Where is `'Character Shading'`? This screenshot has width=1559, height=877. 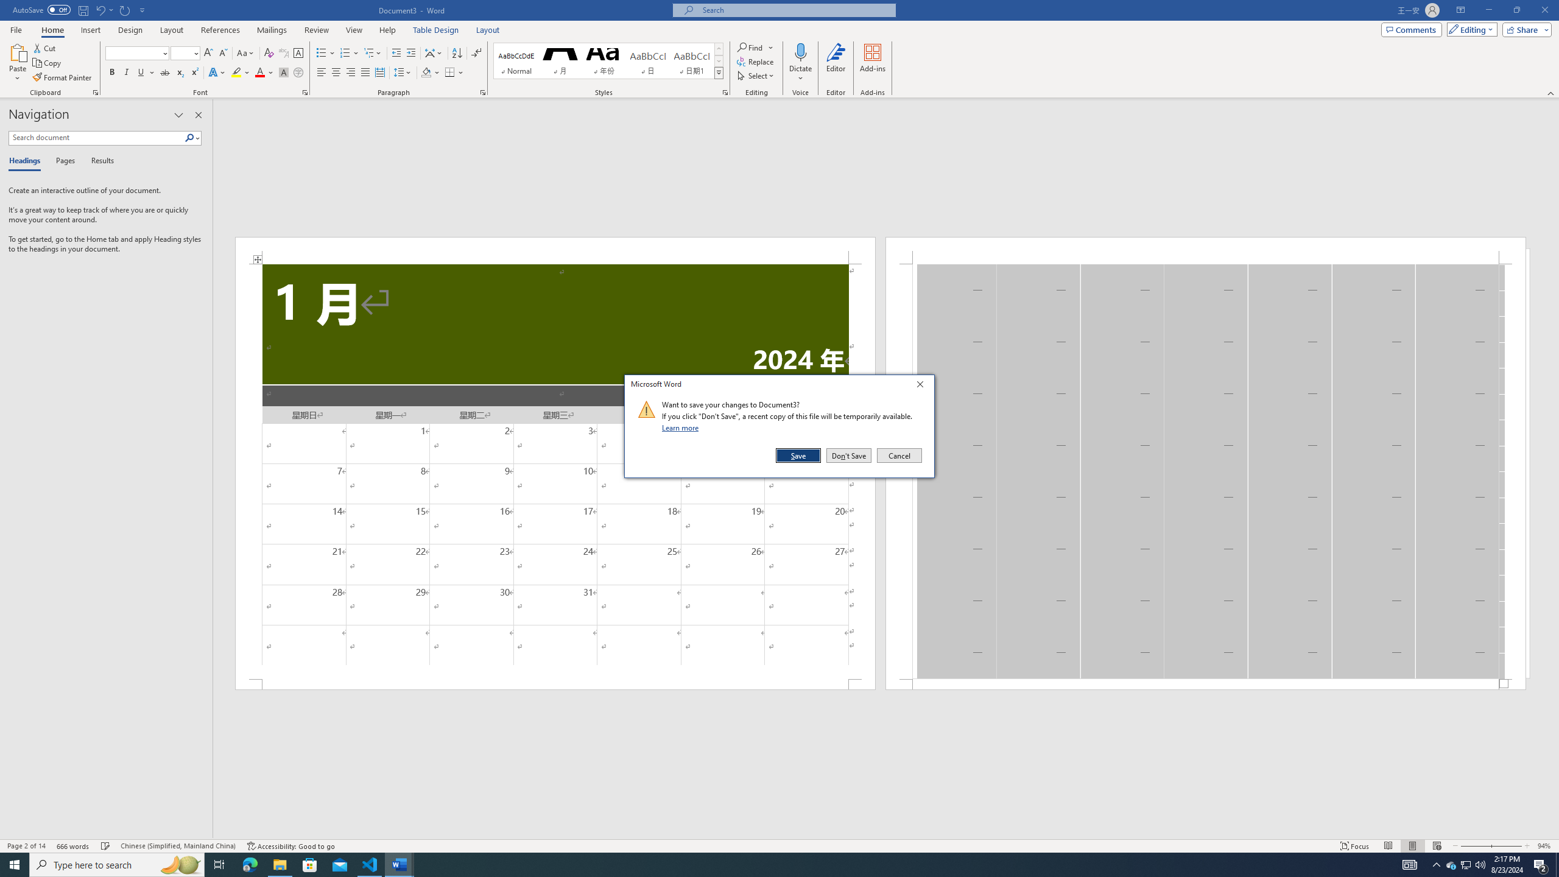 'Character Shading' is located at coordinates (283, 72).